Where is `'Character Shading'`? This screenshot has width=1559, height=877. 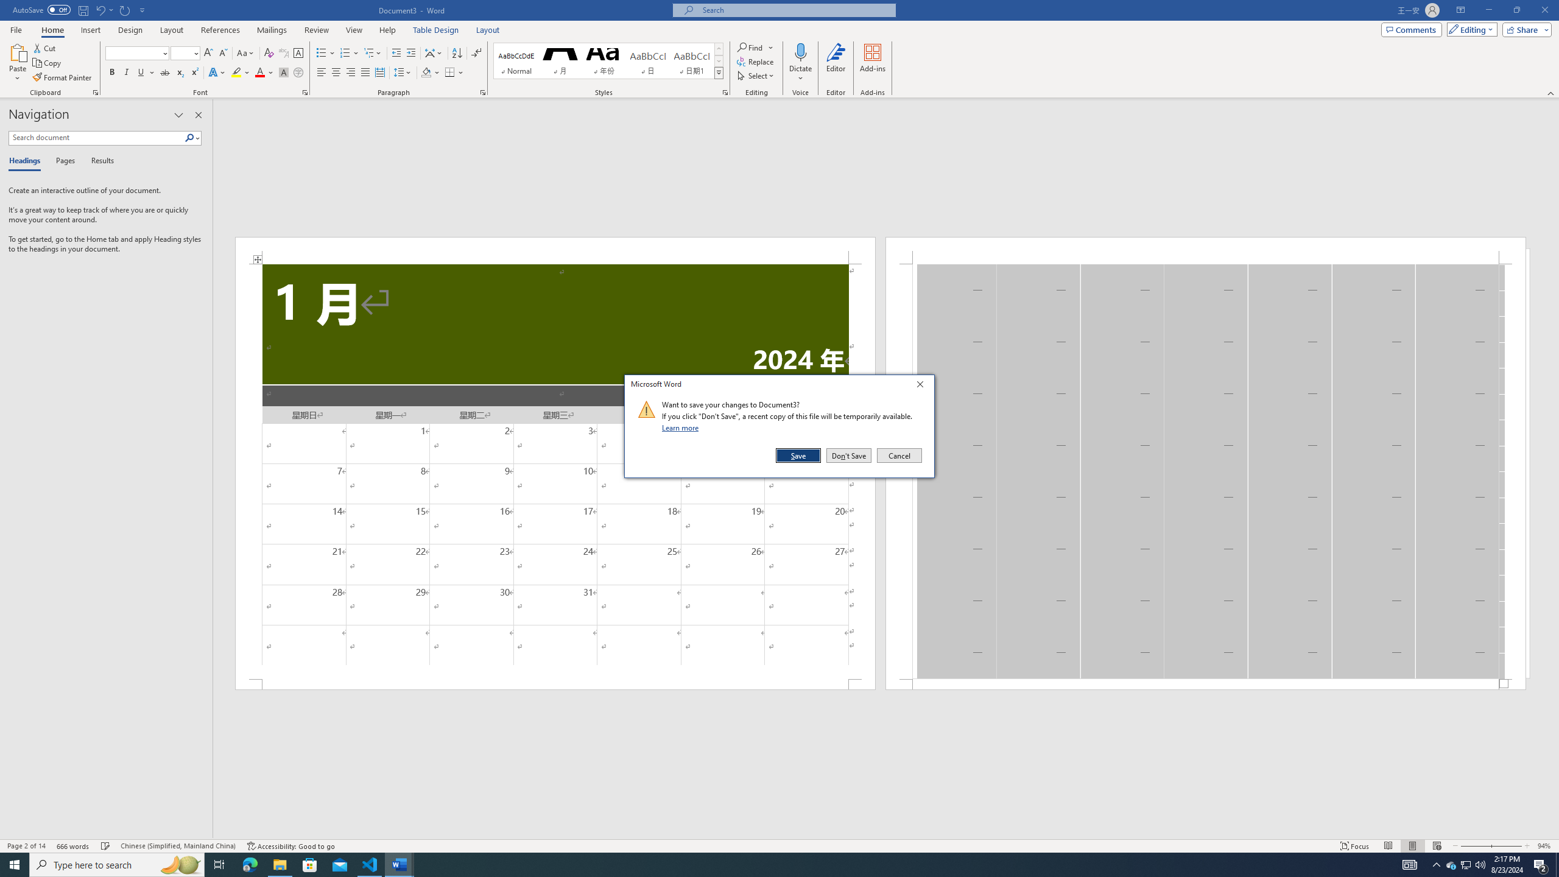 'Character Shading' is located at coordinates (283, 72).